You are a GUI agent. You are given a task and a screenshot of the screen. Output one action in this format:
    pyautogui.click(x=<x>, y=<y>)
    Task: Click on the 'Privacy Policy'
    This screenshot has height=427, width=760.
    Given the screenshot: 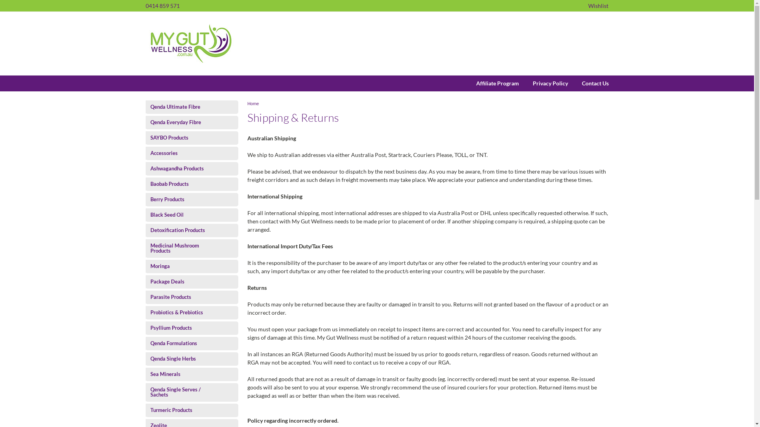 What is the action you would take?
    pyautogui.click(x=543, y=83)
    